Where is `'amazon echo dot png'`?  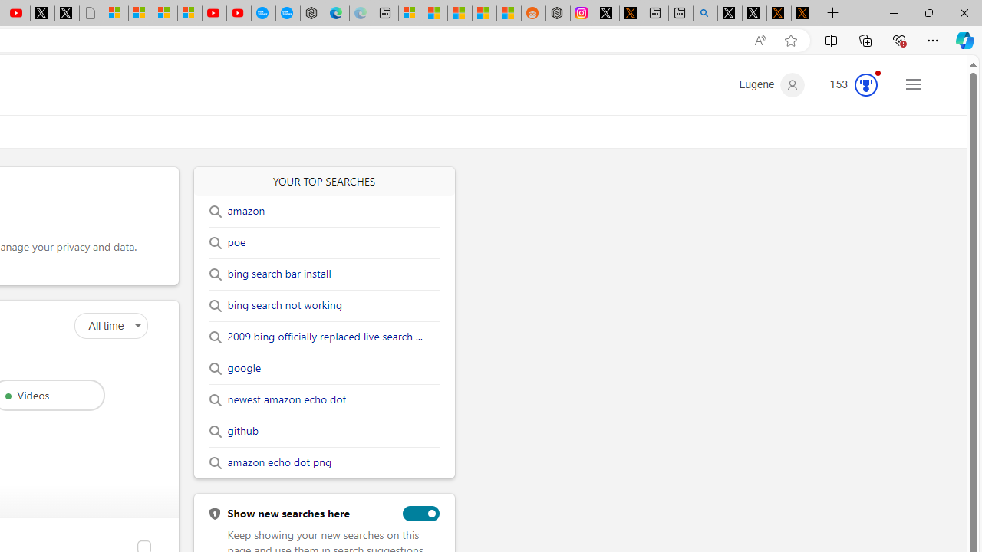 'amazon echo dot png' is located at coordinates (279, 462).